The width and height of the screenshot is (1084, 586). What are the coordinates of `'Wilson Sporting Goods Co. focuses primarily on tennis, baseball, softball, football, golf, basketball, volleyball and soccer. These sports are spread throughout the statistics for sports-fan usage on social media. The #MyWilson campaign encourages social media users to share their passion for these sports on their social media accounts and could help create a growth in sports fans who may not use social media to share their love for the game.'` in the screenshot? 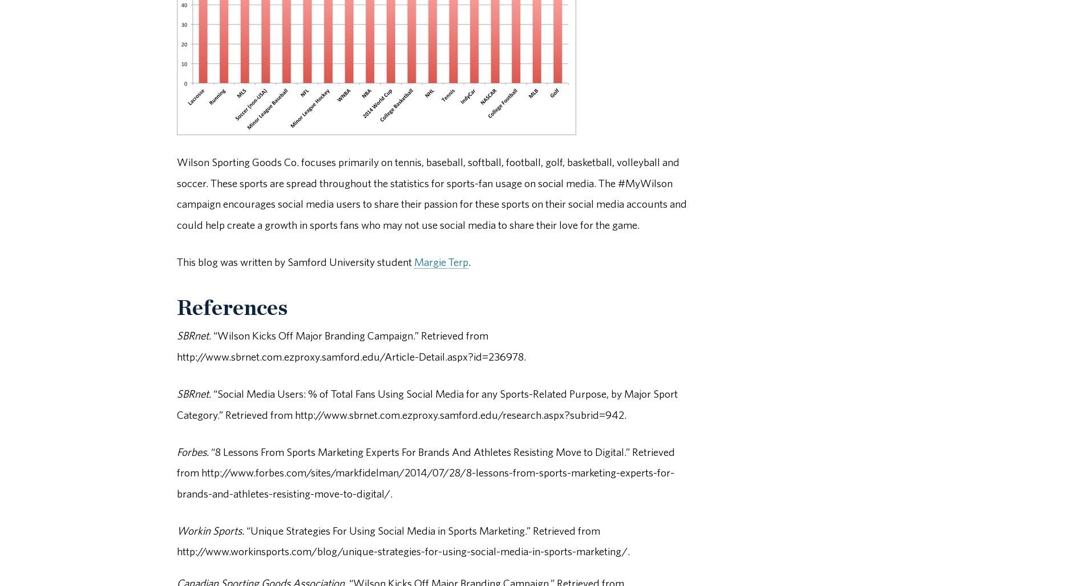 It's located at (431, 192).